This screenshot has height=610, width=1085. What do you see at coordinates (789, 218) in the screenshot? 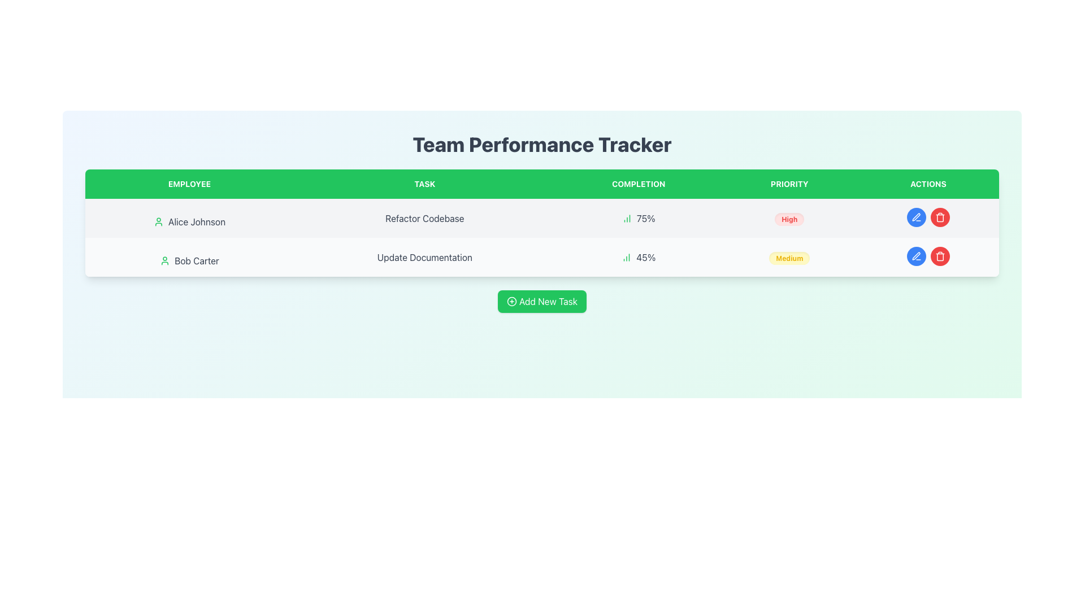
I see `the static text label with red text reading 'High' in the 'Priority' column for 'Alice Johnson' in the task table` at bounding box center [789, 218].